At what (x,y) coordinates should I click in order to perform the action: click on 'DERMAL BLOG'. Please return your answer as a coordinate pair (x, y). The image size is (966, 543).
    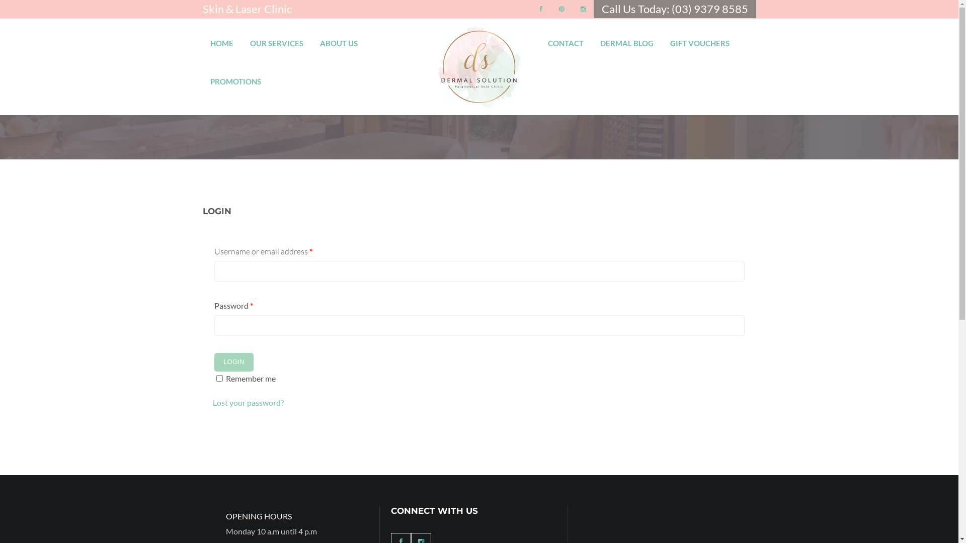
    Looking at the image, I should click on (626, 38).